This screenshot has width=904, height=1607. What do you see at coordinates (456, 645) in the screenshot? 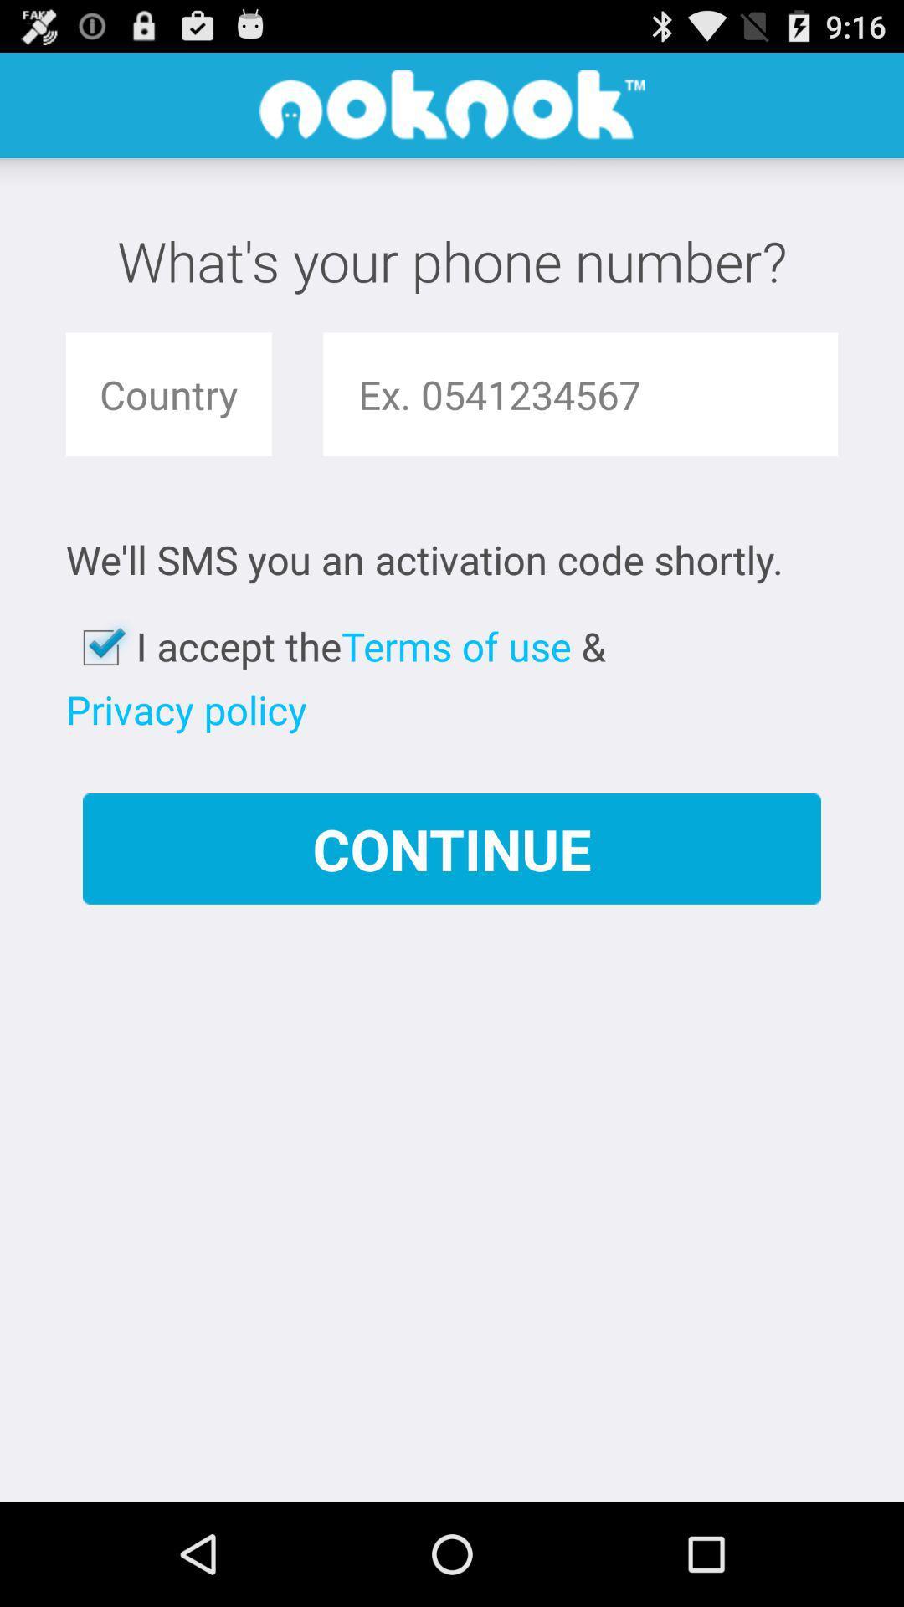
I see `icon below the we ll sms item` at bounding box center [456, 645].